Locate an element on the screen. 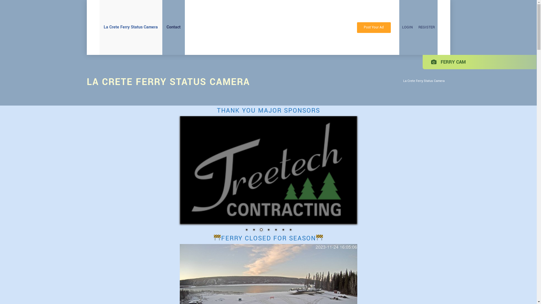 This screenshot has width=541, height=304. '2' is located at coordinates (254, 230).